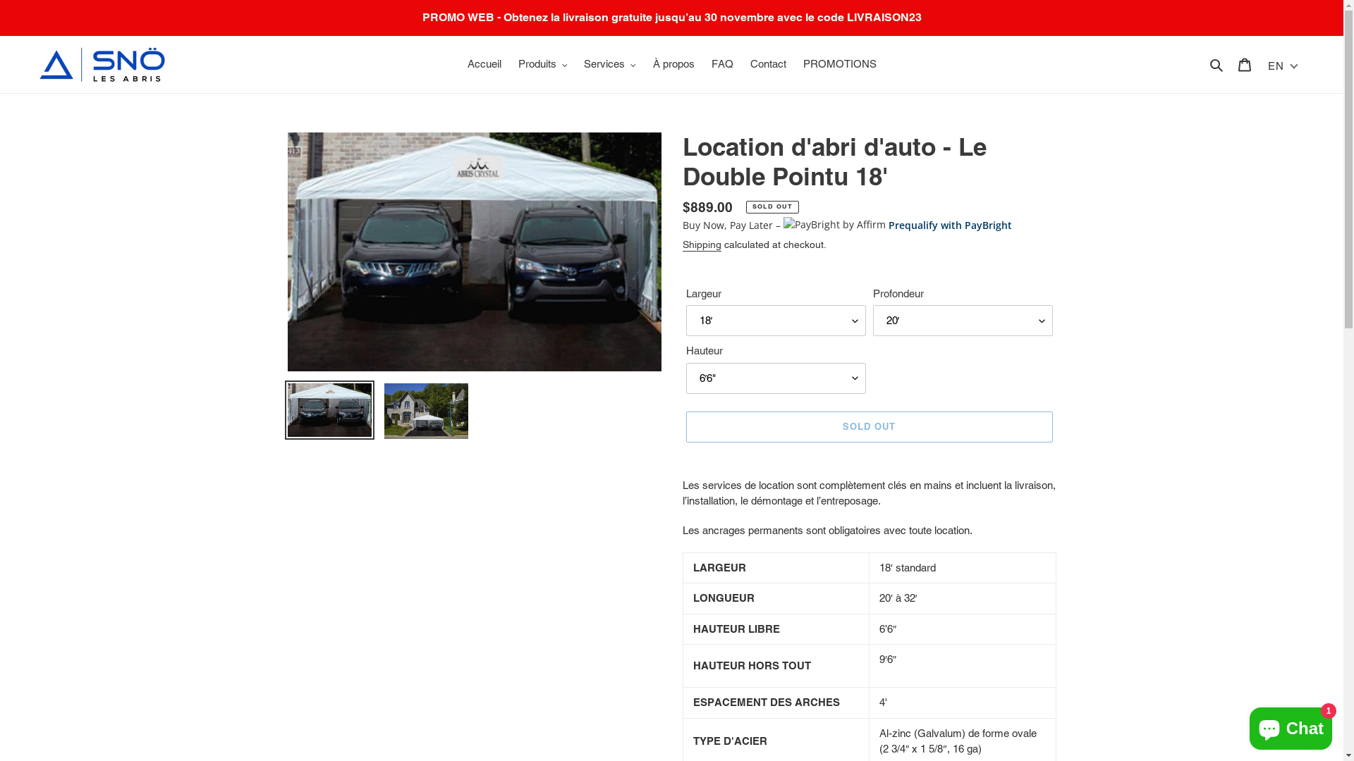 The width and height of the screenshot is (1354, 761). What do you see at coordinates (950, 224) in the screenshot?
I see `'Prequalify with PayBright'` at bounding box center [950, 224].